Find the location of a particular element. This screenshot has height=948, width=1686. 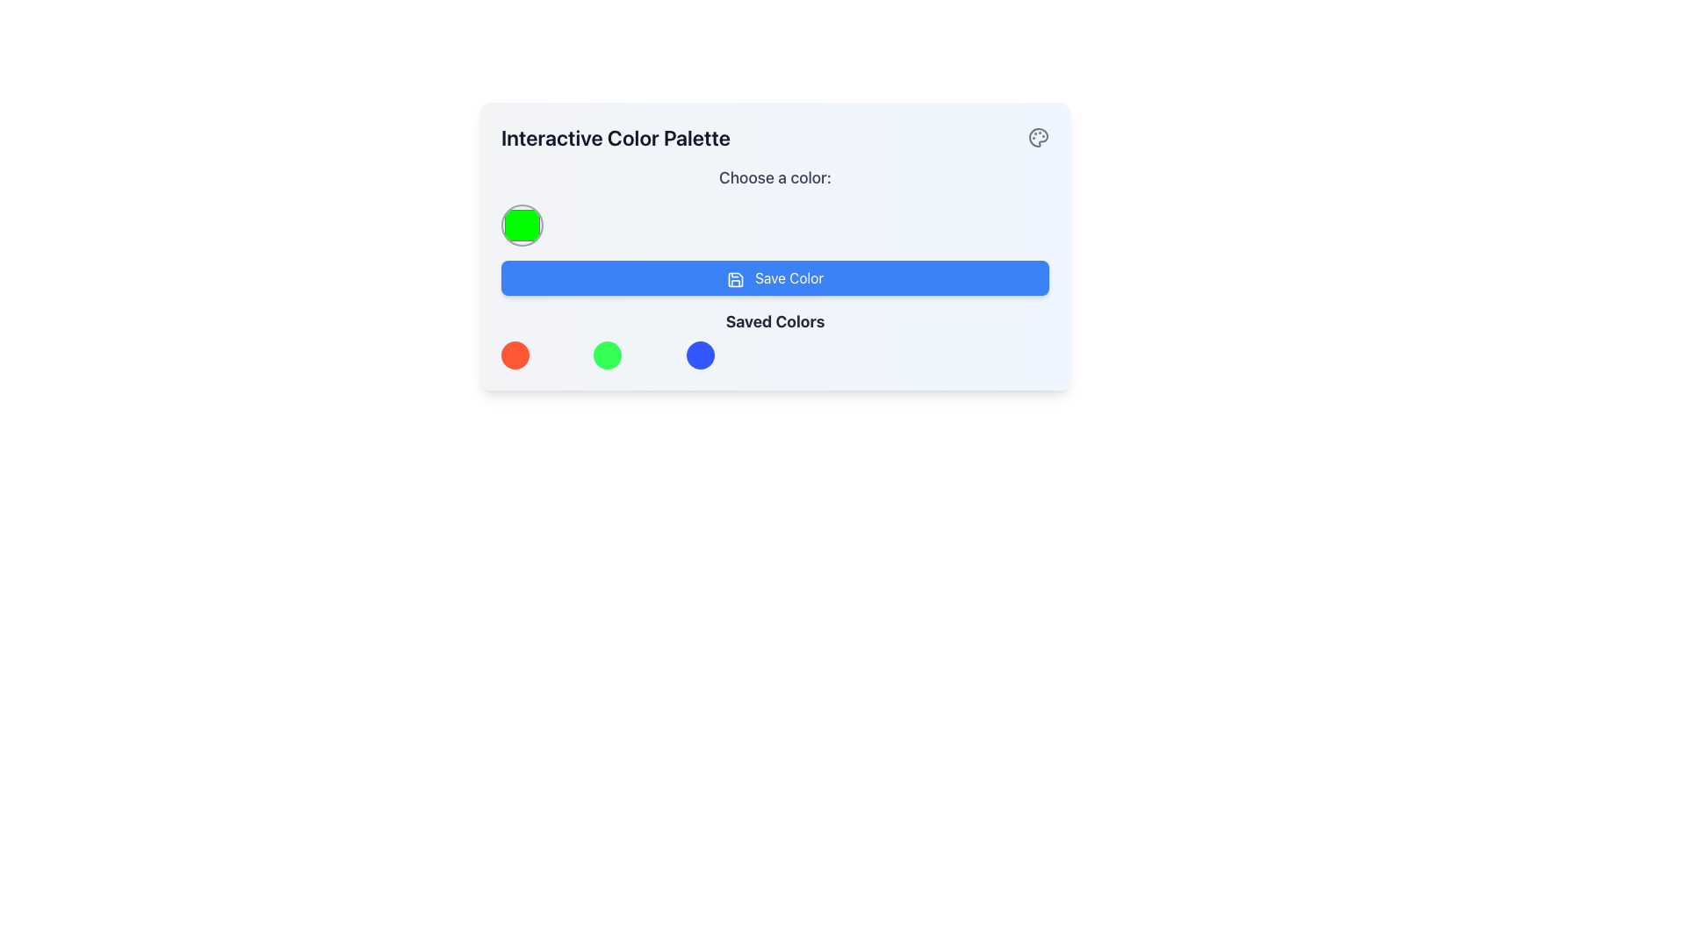

the 'Save Color' button, which has a blue background and white text, located below the 'Choose a color:' text and above the 'Saved Colors' title is located at coordinates (775, 267).